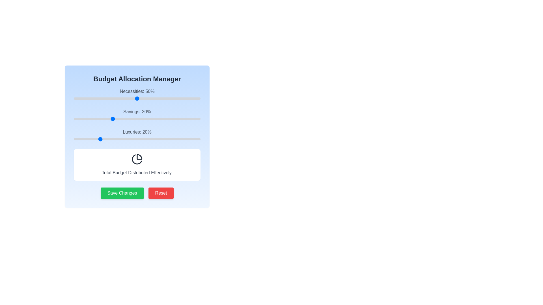 Image resolution: width=543 pixels, height=305 pixels. Describe the element at coordinates (184, 98) in the screenshot. I see `the 'necessities' slider` at that location.